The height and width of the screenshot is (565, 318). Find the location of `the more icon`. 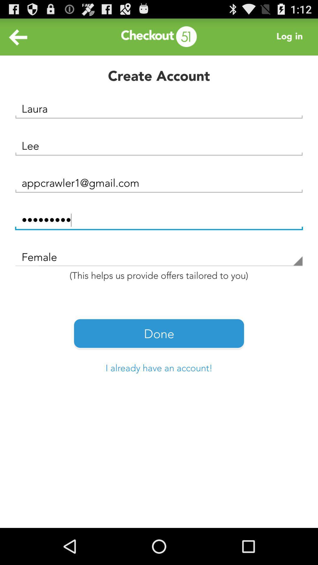

the more icon is located at coordinates (291, 39).